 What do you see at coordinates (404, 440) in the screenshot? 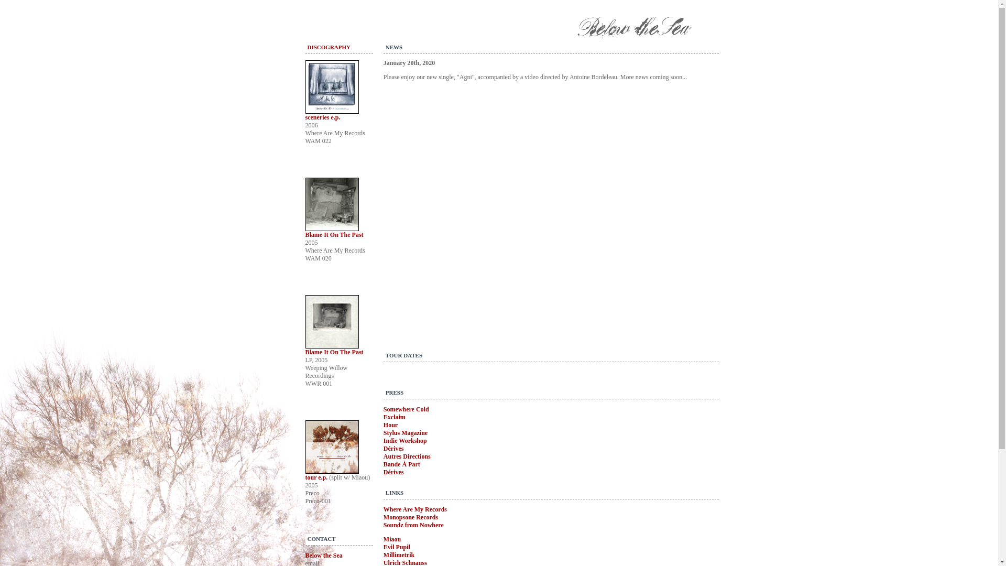
I see `'Indie Workshop'` at bounding box center [404, 440].